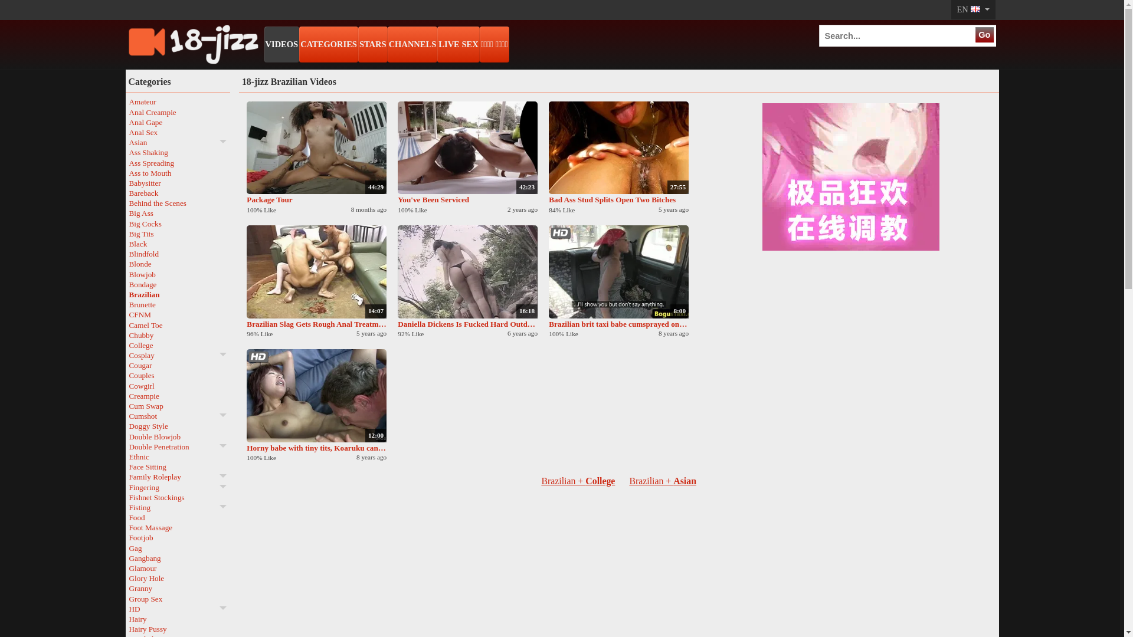  What do you see at coordinates (245, 147) in the screenshot?
I see `'44:29'` at bounding box center [245, 147].